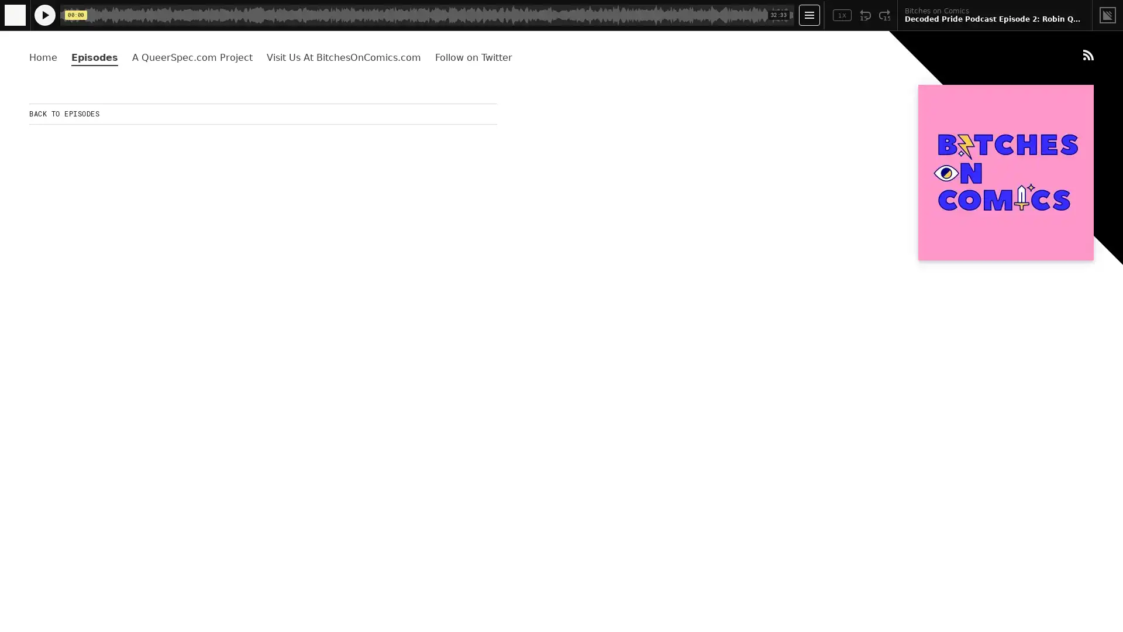 Image resolution: width=1123 pixels, height=632 pixels. What do you see at coordinates (842, 15) in the screenshot?
I see `Toggle Speed: Current Speed 1x` at bounding box center [842, 15].